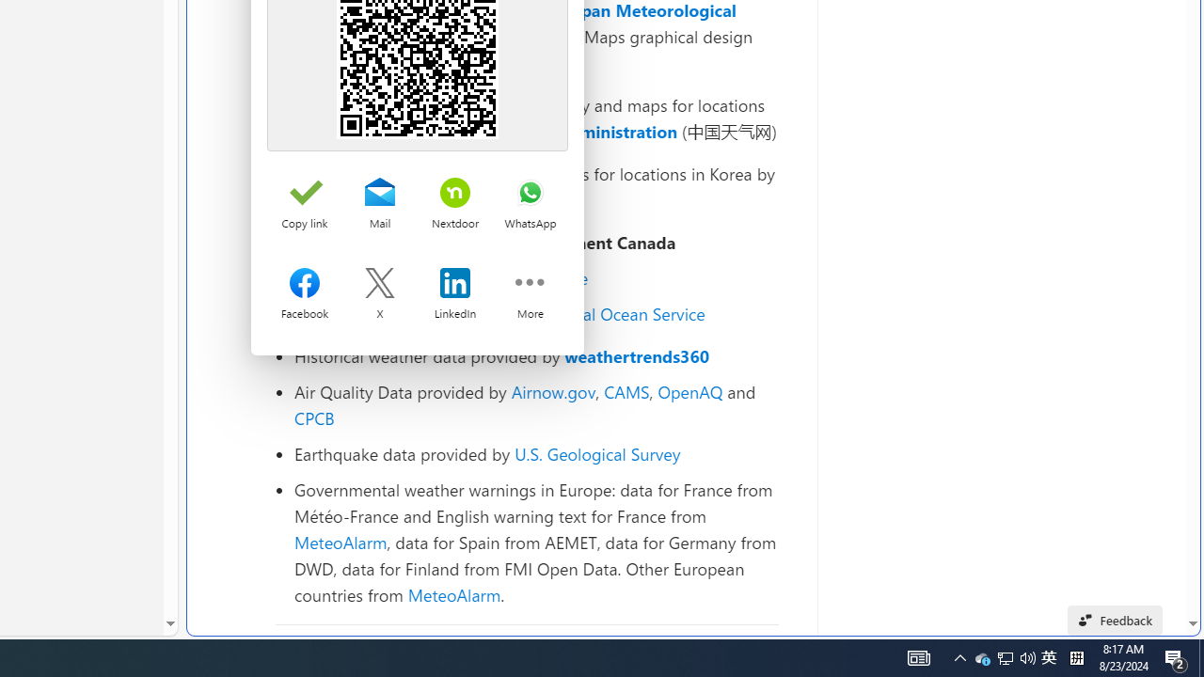 The width and height of the screenshot is (1204, 677). Describe the element at coordinates (626, 390) in the screenshot. I see `'CAMS'` at that location.